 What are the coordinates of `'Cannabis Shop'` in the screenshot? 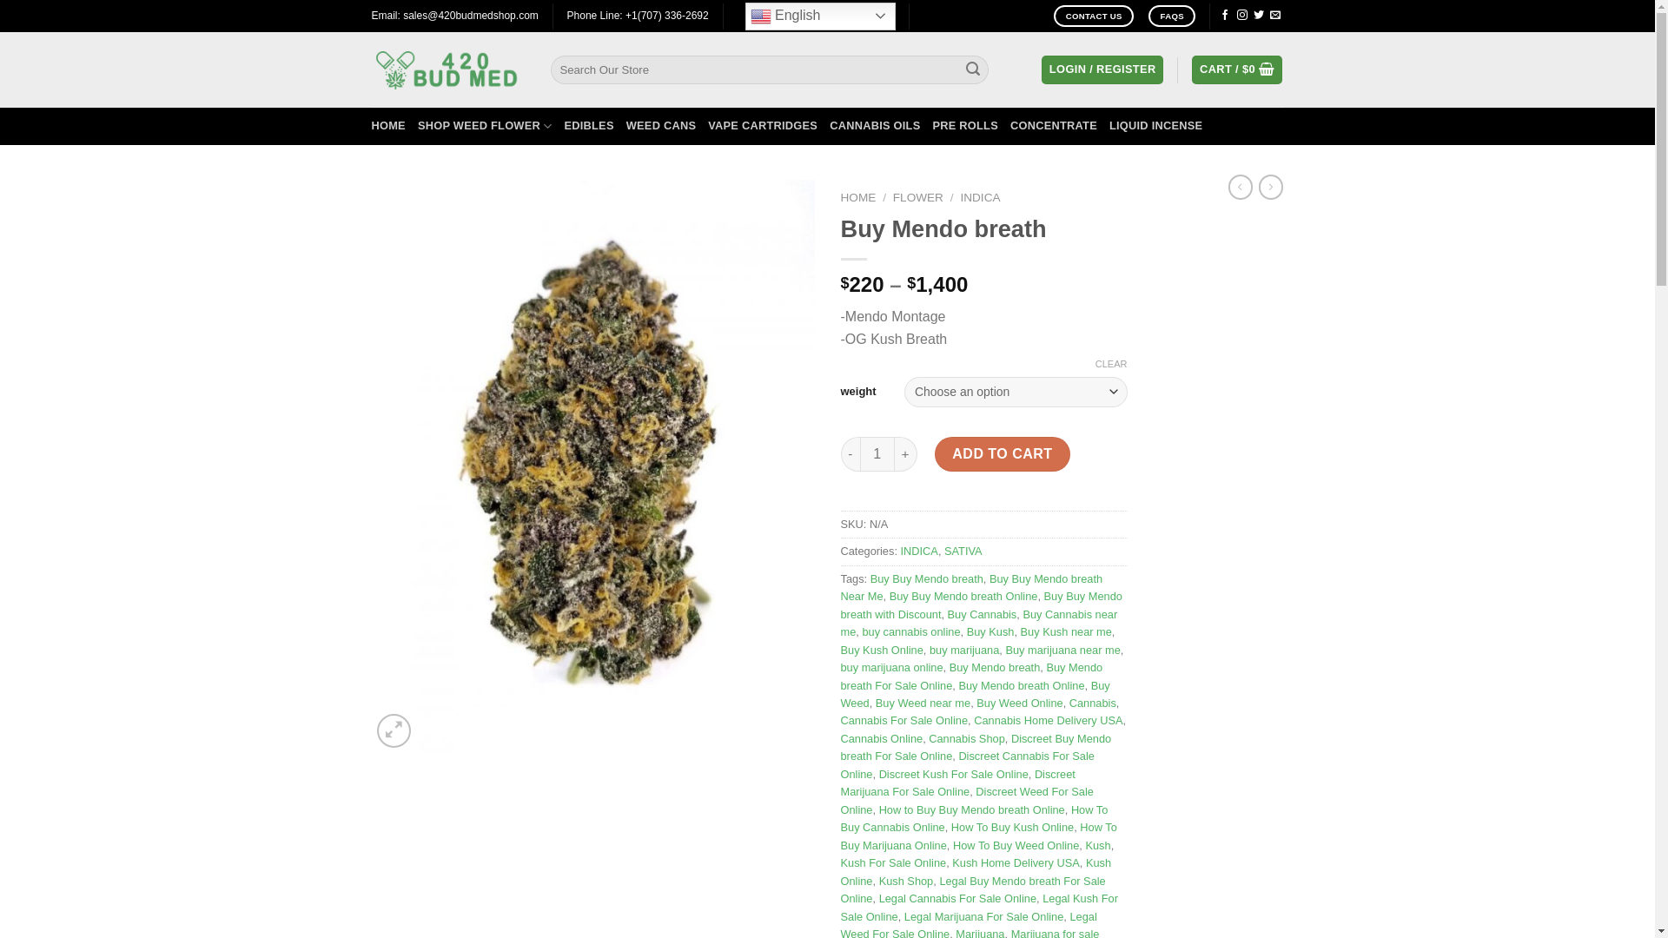 It's located at (966, 738).